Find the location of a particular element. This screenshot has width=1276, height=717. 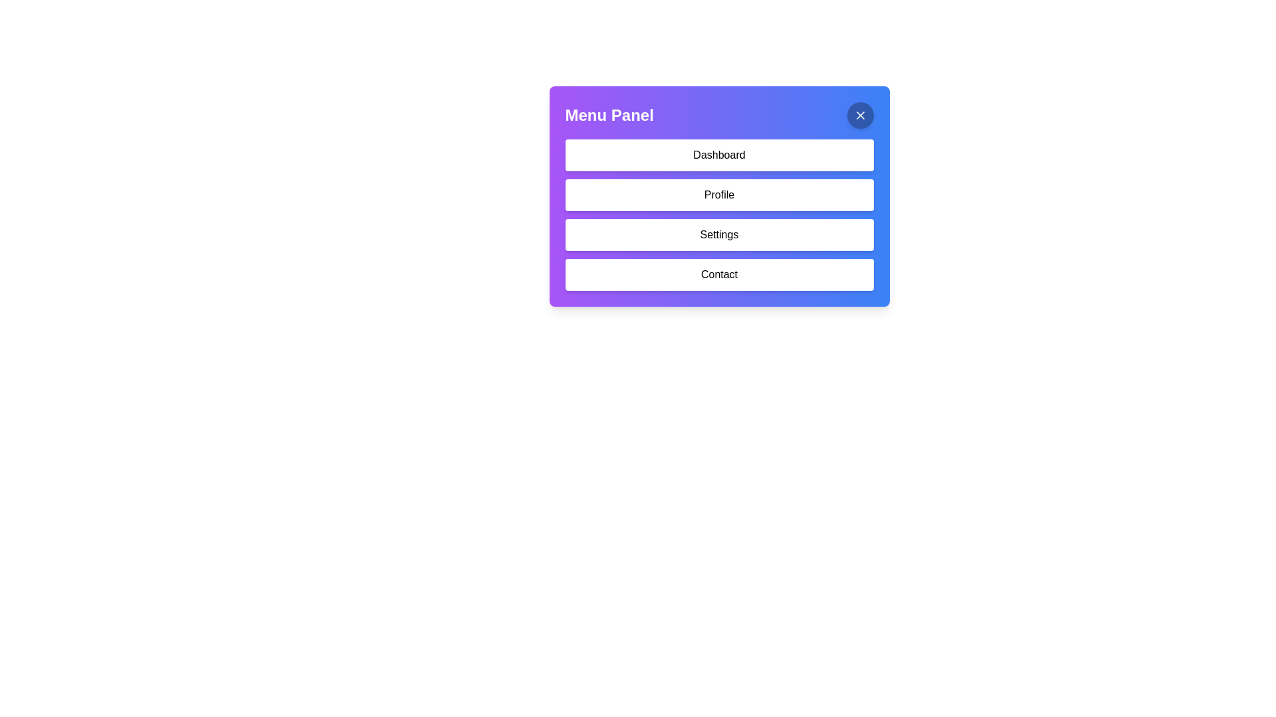

the Text Label located at the top-left corner of the panel, which serves as a header indicating the title or purpose of the section is located at coordinates (609, 114).